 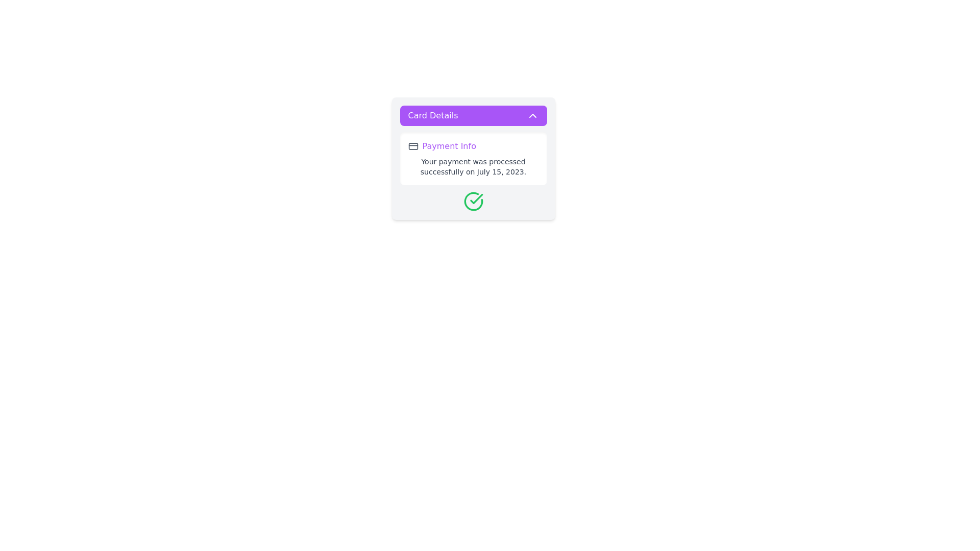 What do you see at coordinates (473, 146) in the screenshot?
I see `the credit card icon in the 'Payment Info' section, which is styled in gray and located above the 'Your payment was processed successfully on July 15, 2023.' text` at bounding box center [473, 146].